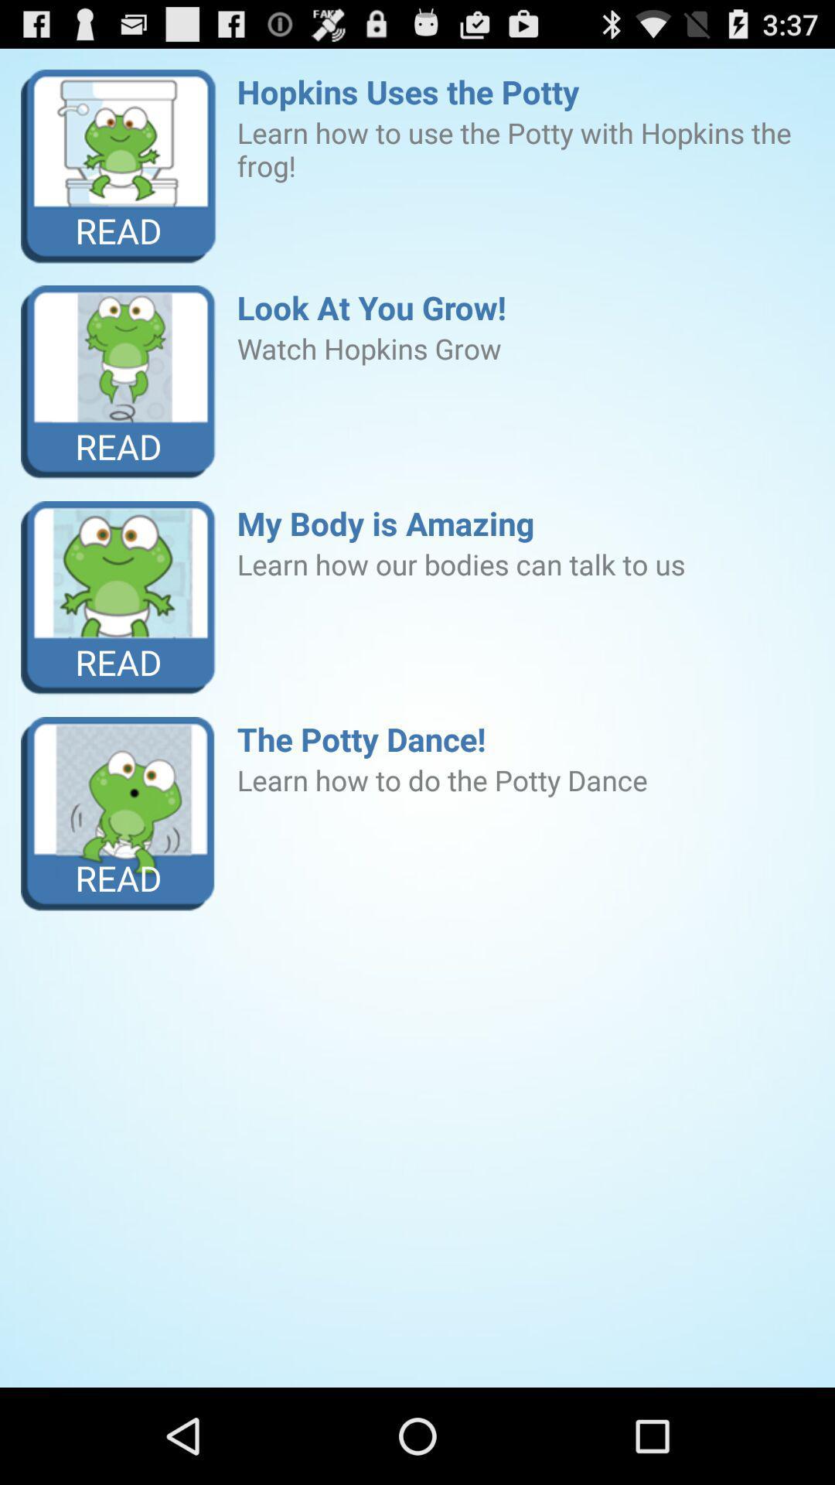 This screenshot has height=1485, width=835. Describe the element at coordinates (118, 167) in the screenshot. I see `the item next to the hopkins uses the icon` at that location.